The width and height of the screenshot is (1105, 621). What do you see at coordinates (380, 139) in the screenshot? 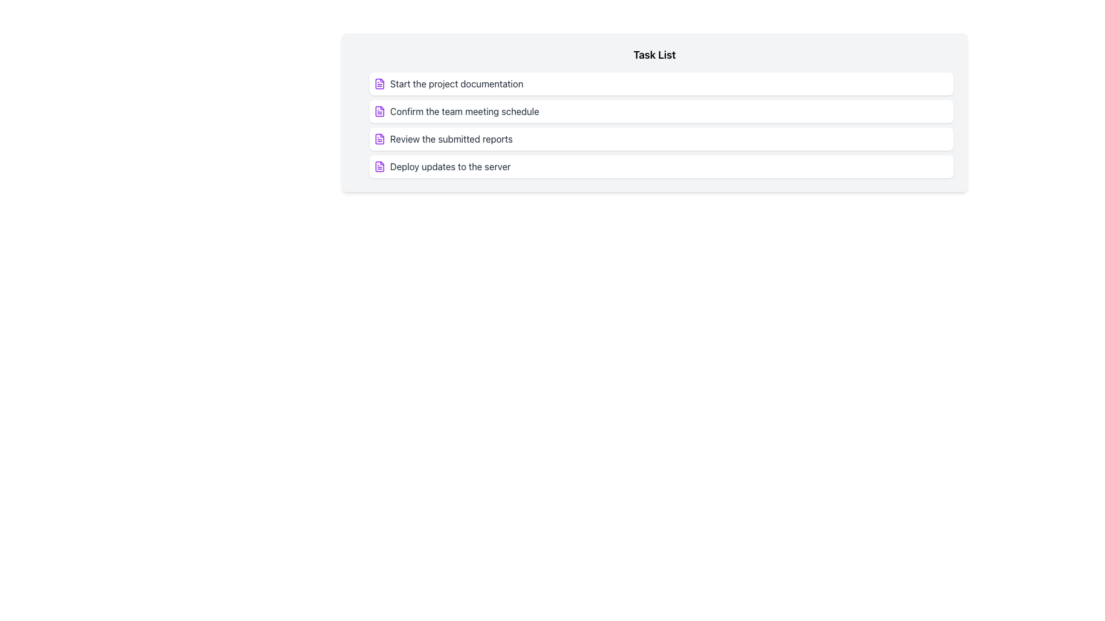
I see `the icon located in the third row of the task list, to the left of the text 'Review the submitted reports' for task identification` at bounding box center [380, 139].